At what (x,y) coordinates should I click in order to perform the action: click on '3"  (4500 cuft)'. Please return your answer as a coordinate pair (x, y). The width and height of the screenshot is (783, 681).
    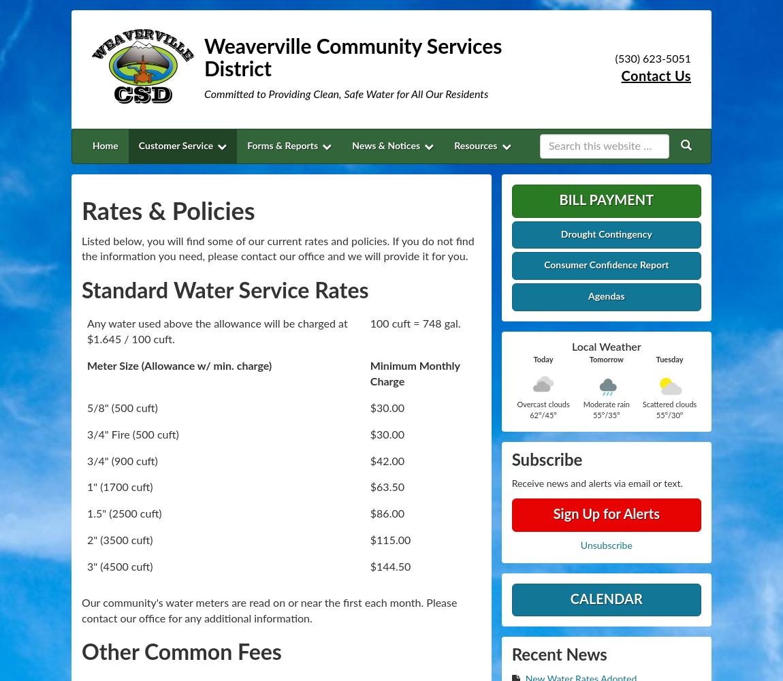
    Looking at the image, I should click on (118, 566).